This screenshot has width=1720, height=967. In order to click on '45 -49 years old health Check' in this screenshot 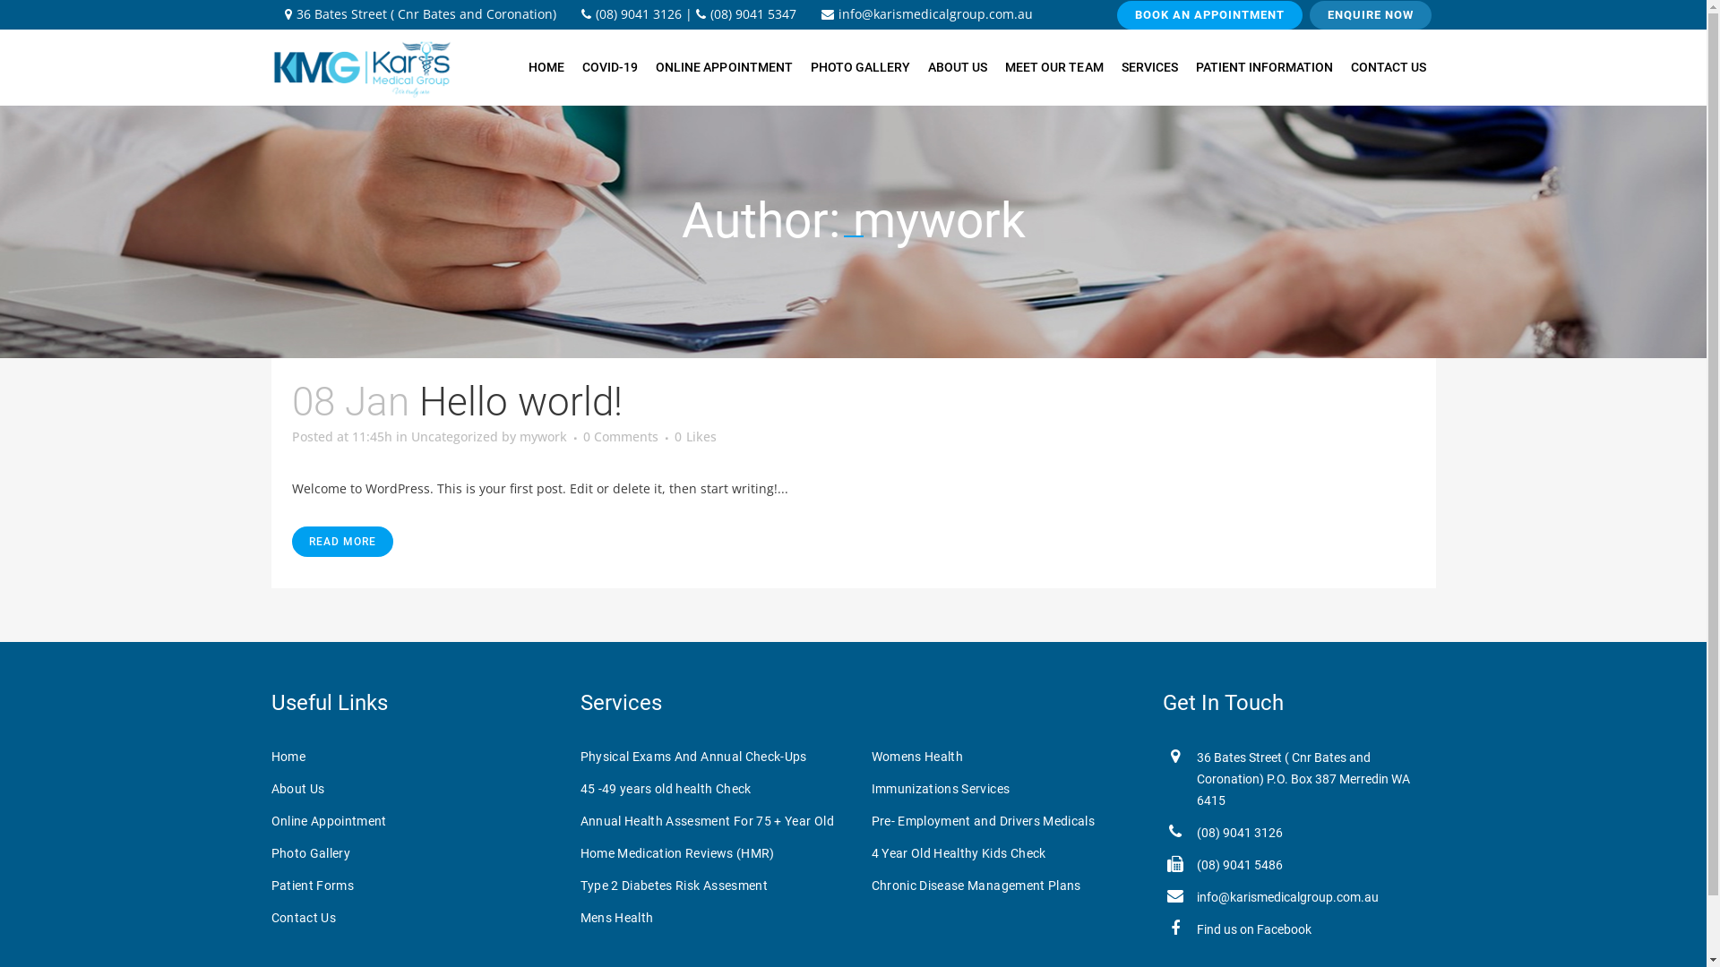, I will do `click(711, 787)`.